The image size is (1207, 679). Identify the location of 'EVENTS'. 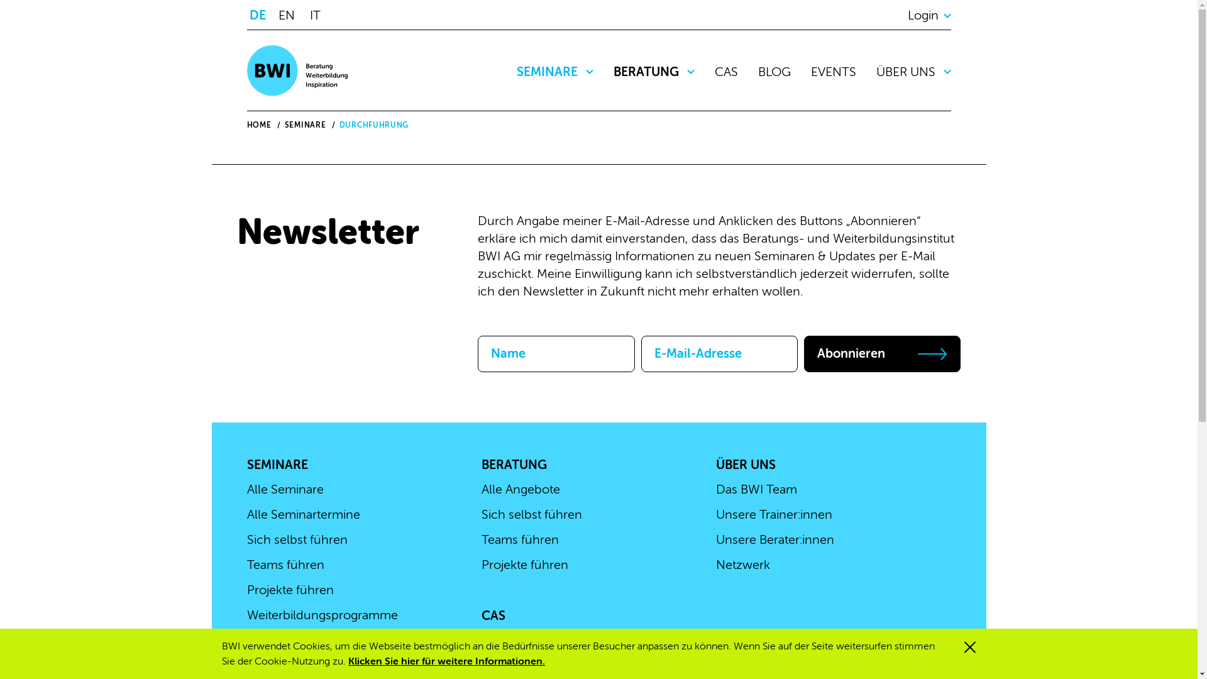
(833, 72).